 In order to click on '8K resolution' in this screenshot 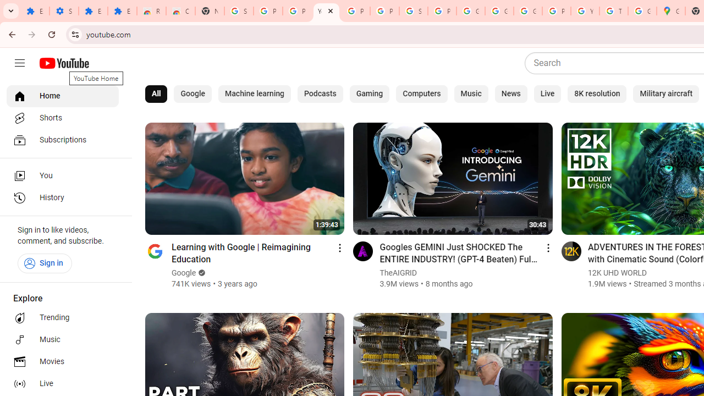, I will do `click(597, 94)`.